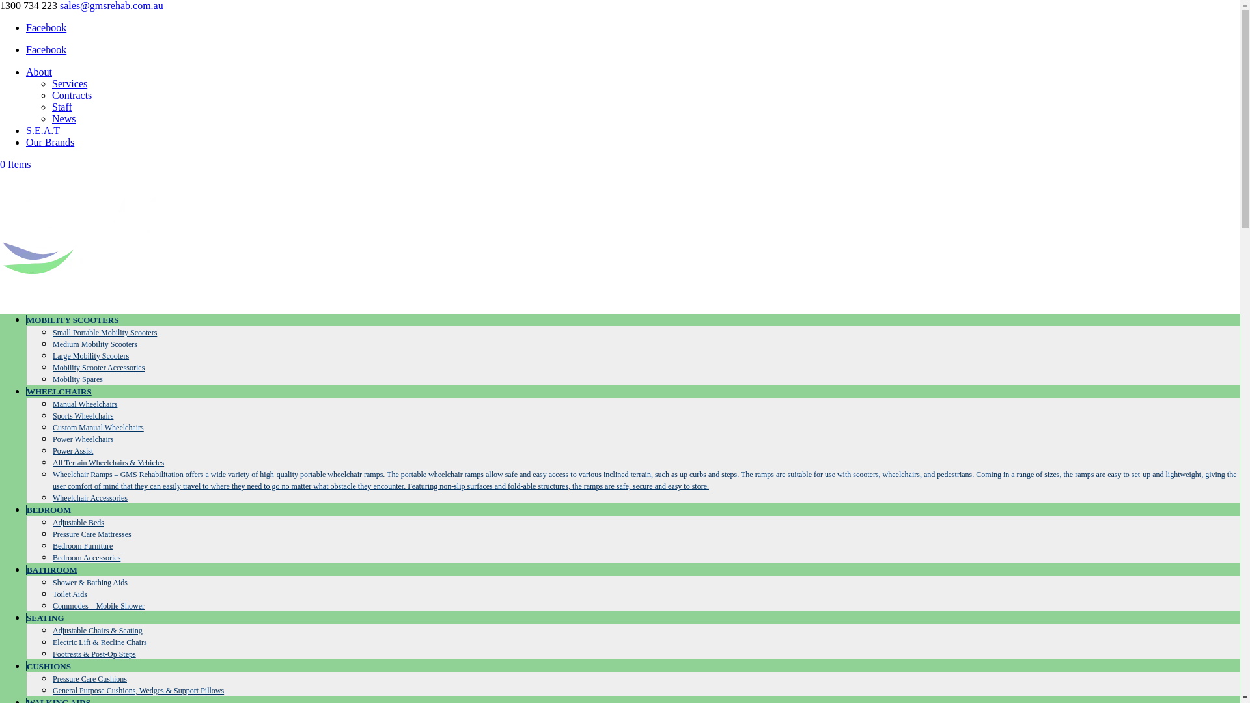 The image size is (1250, 703). What do you see at coordinates (111, 5) in the screenshot?
I see `'sales@gmsrehab.com.au'` at bounding box center [111, 5].